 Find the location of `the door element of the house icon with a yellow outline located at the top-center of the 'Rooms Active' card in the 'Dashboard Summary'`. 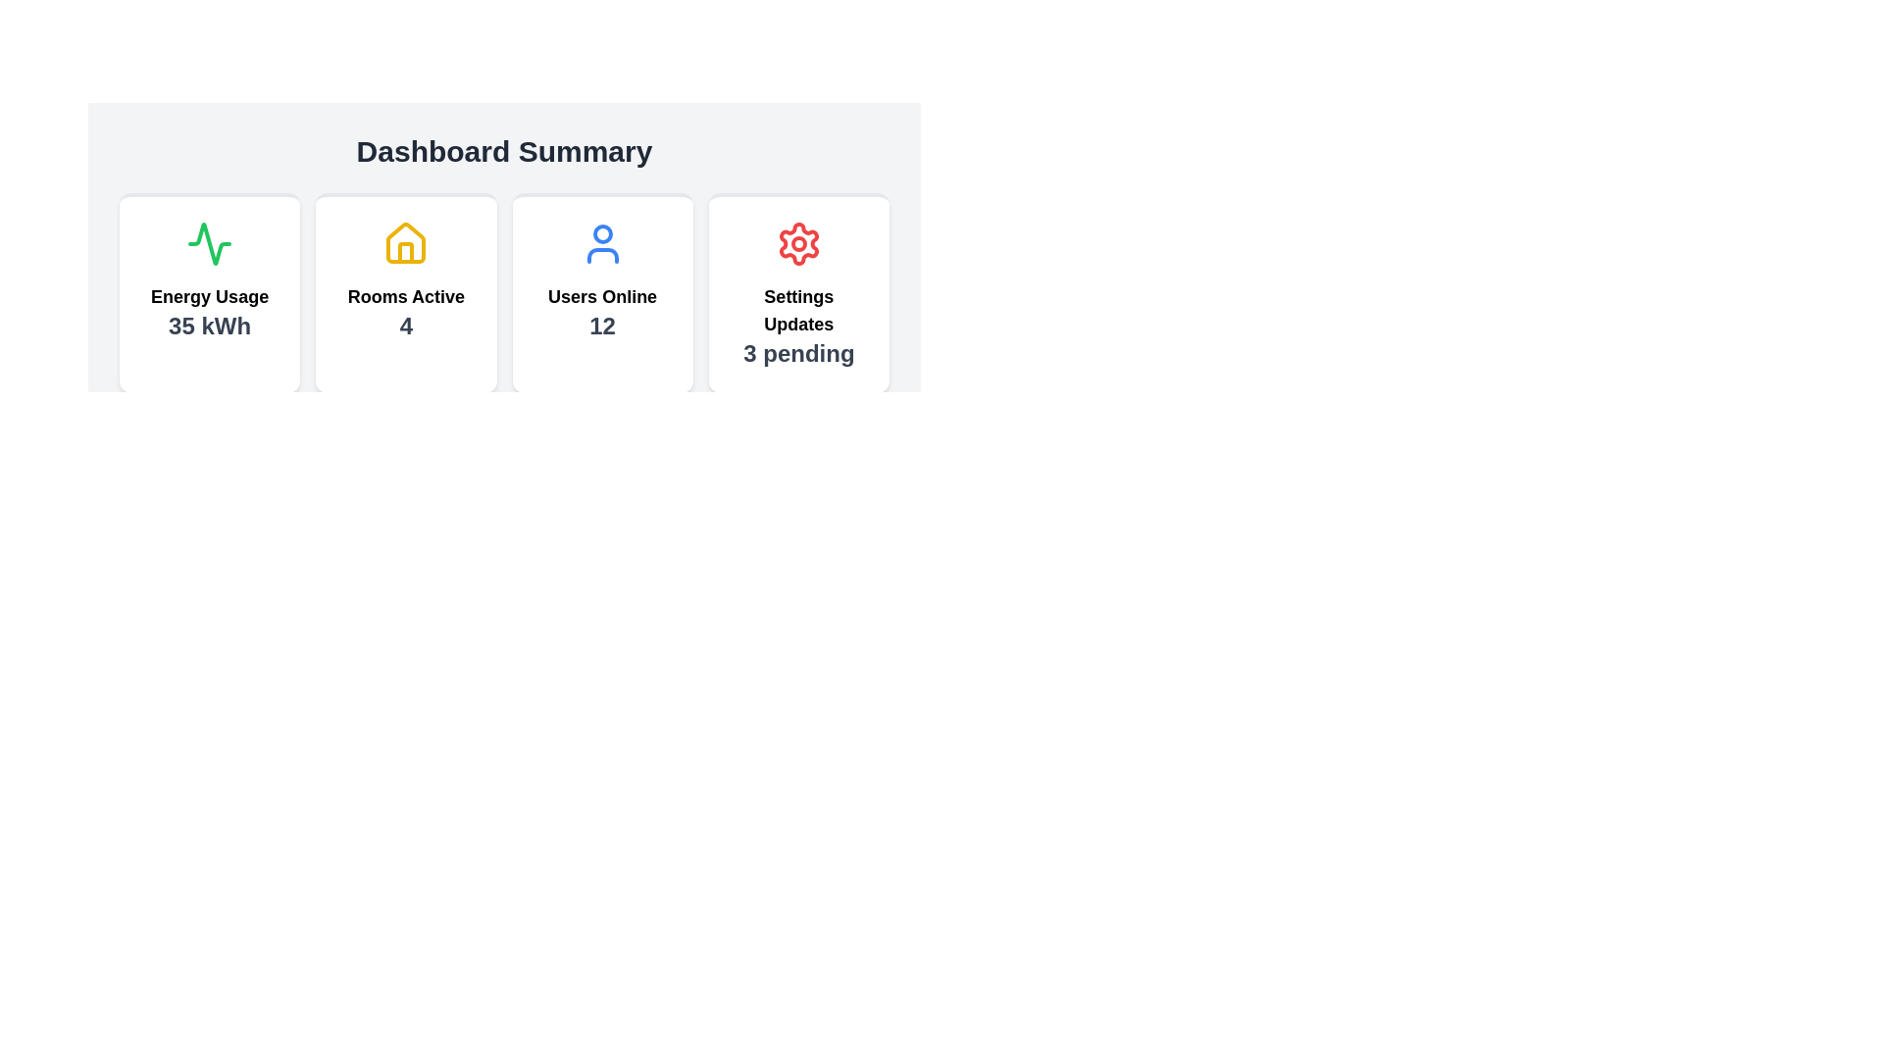

the door element of the house icon with a yellow outline located at the top-center of the 'Rooms Active' card in the 'Dashboard Summary' is located at coordinates (405, 252).